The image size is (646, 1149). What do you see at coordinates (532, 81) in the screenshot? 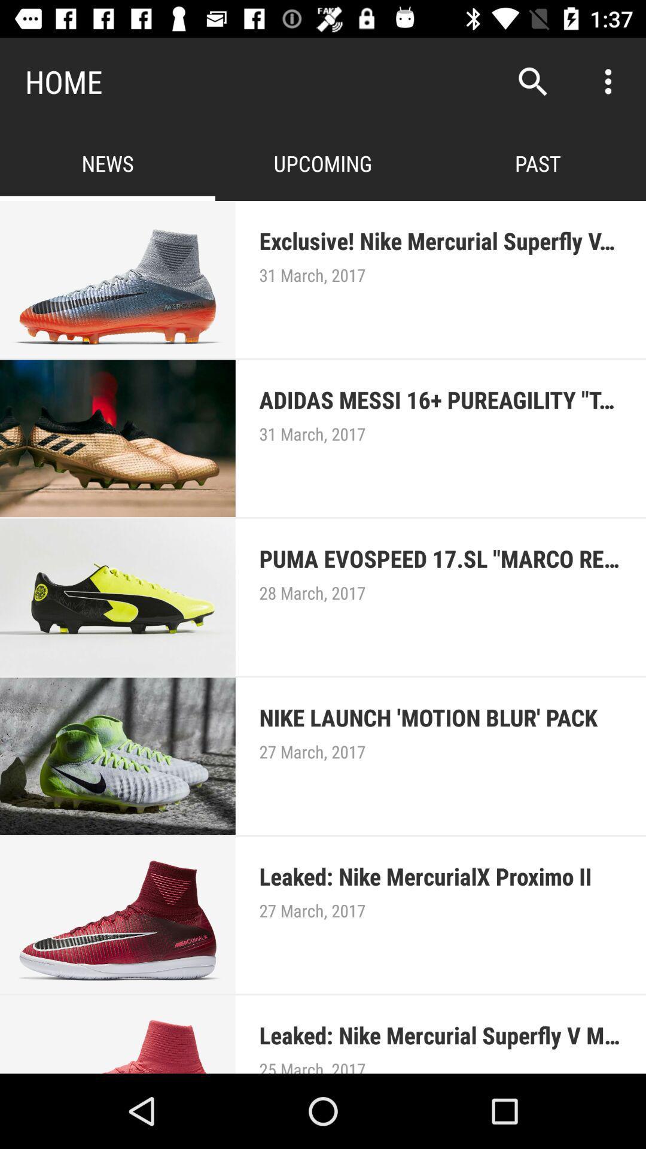
I see `the icon to the right of the home` at bounding box center [532, 81].